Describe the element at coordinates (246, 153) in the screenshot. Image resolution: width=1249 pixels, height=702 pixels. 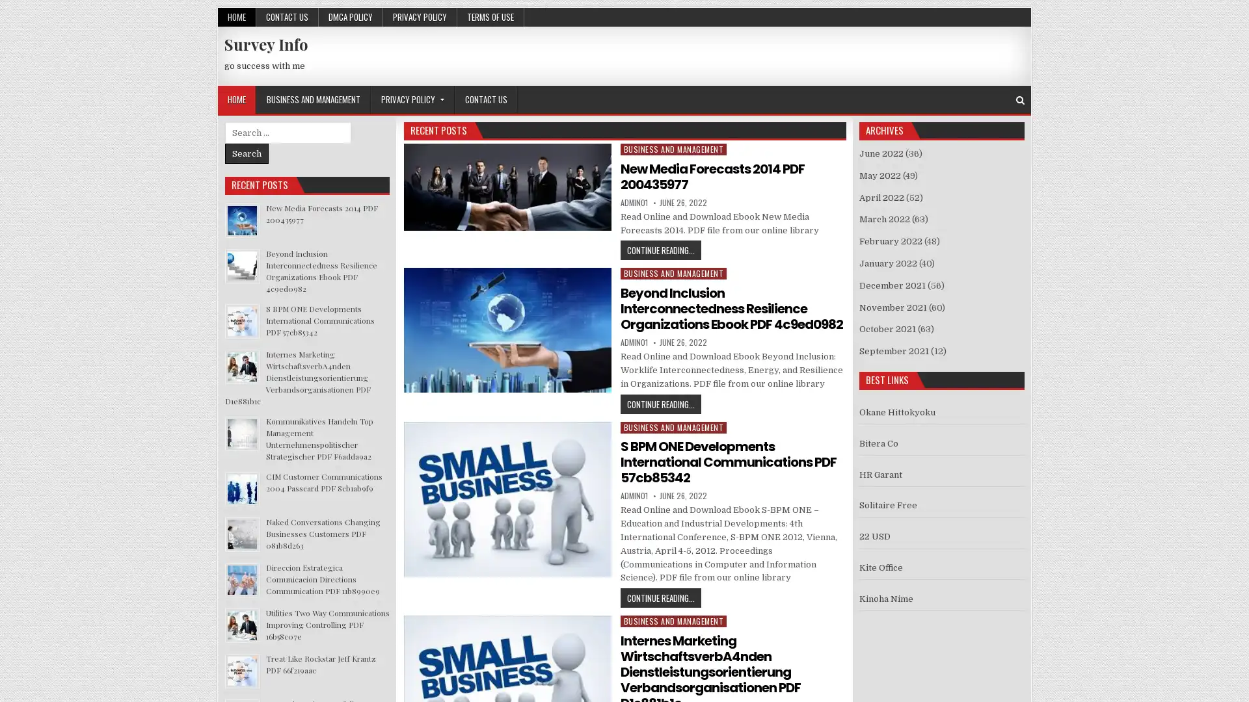
I see `Search` at that location.